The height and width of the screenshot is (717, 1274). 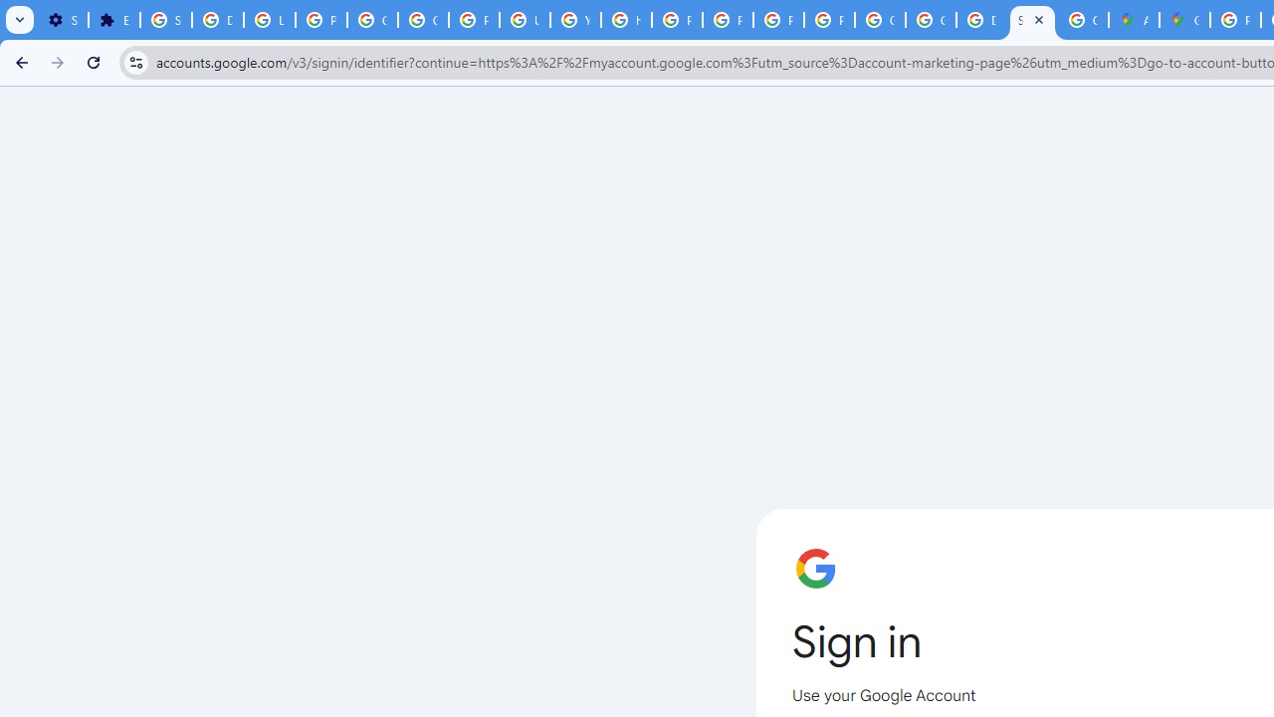 What do you see at coordinates (574, 20) in the screenshot?
I see `'YouTube'` at bounding box center [574, 20].